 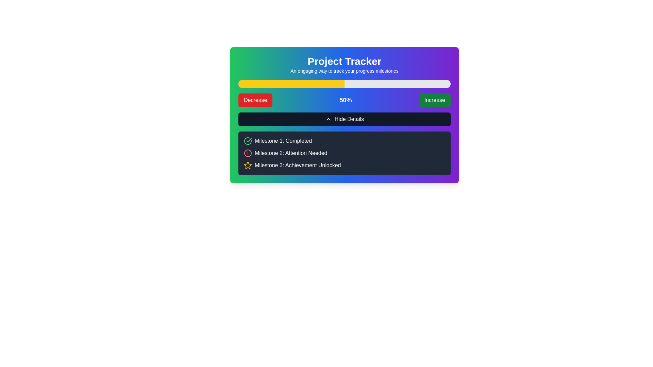 What do you see at coordinates (344, 62) in the screenshot?
I see `text content of the Heading element, which displays 'Project Tracker' as the main title for the interface` at bounding box center [344, 62].